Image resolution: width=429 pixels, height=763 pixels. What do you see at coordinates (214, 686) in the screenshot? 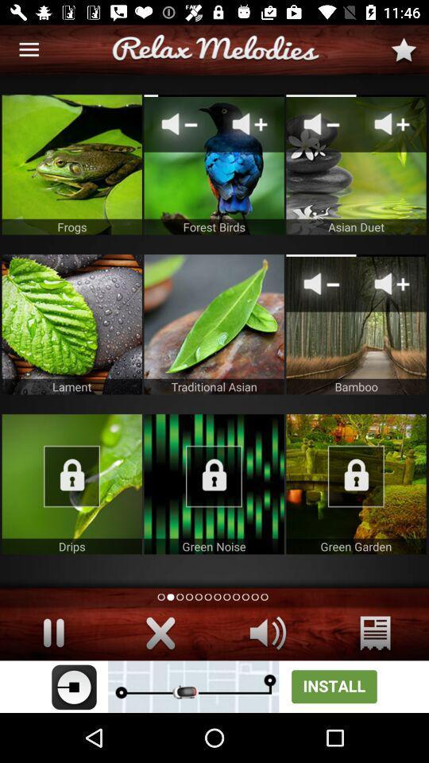
I see `advertisement` at bounding box center [214, 686].